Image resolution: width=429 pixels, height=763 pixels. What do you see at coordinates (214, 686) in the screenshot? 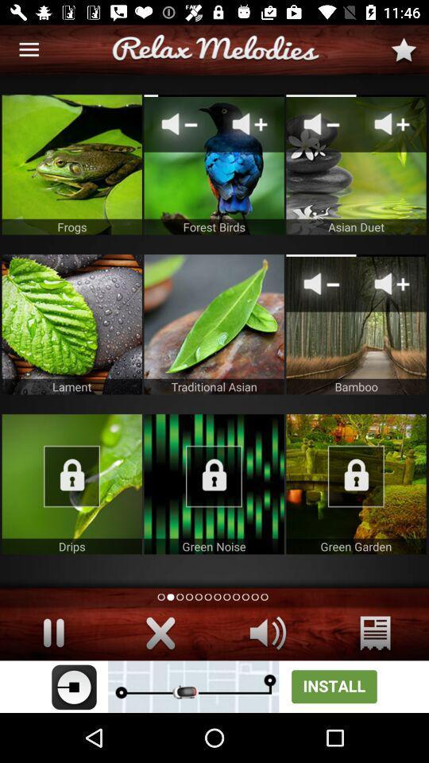
I see `advertisement` at bounding box center [214, 686].